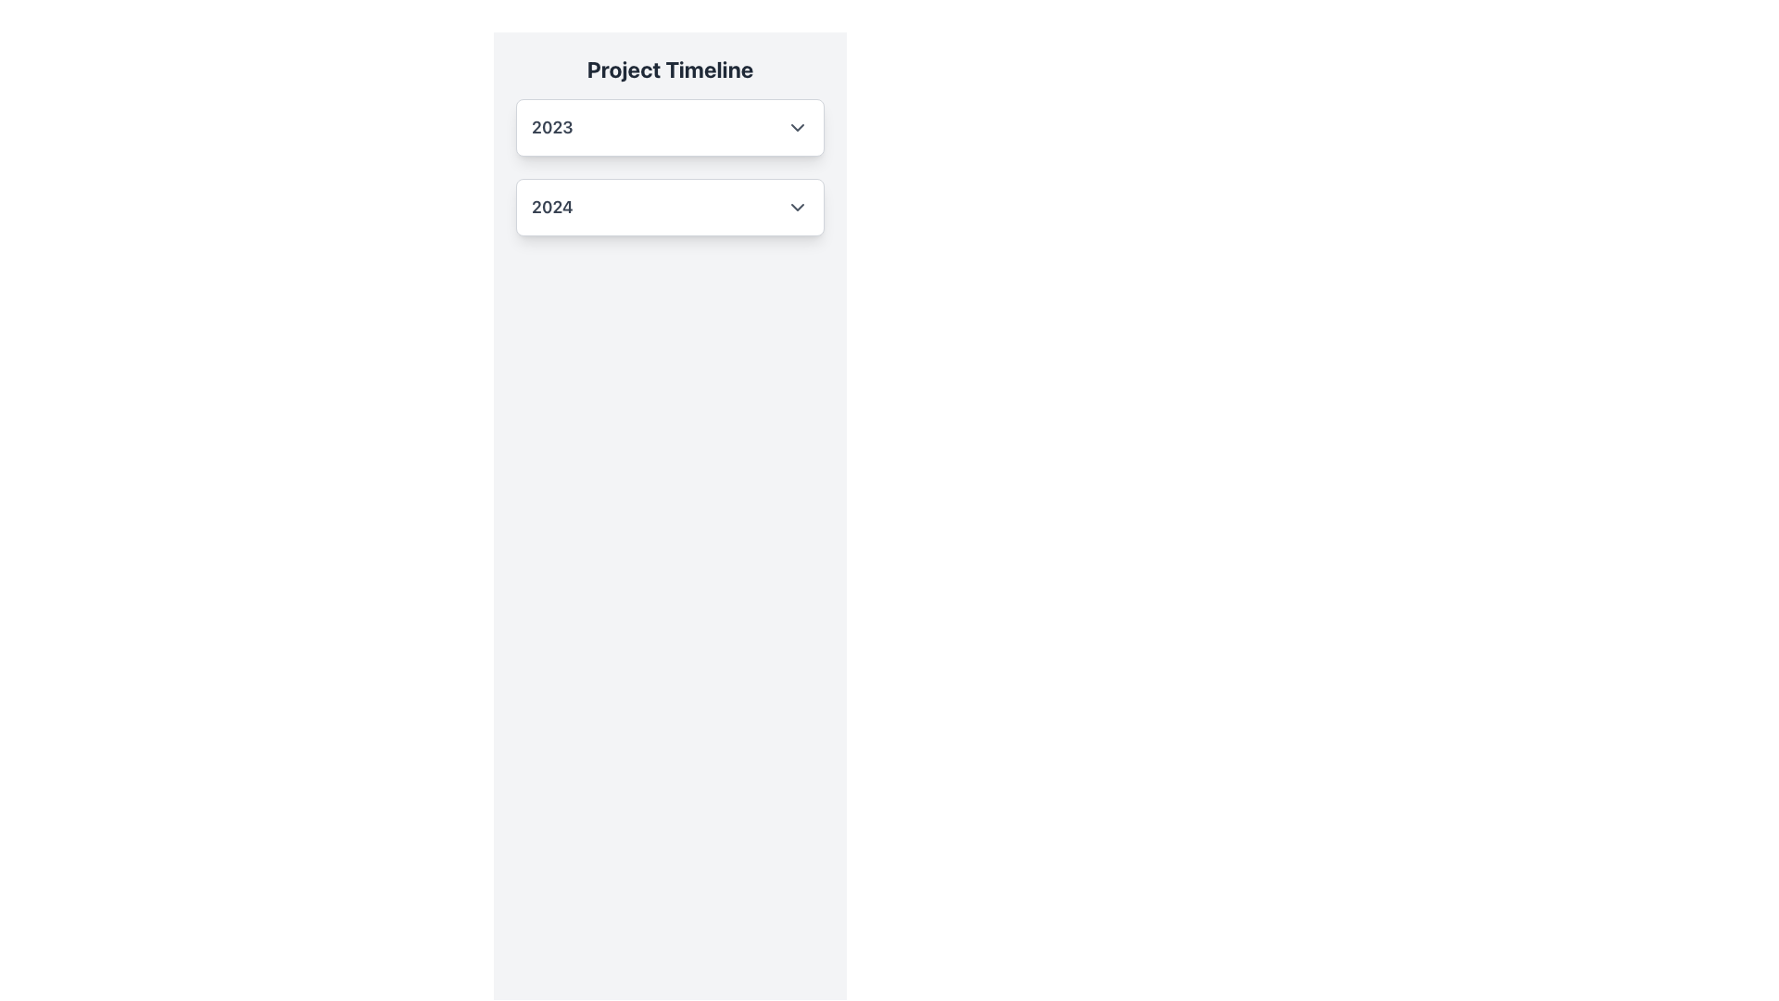  What do you see at coordinates (797, 127) in the screenshot?
I see `the gray downward-facing chevron icon next to the text '2023'` at bounding box center [797, 127].